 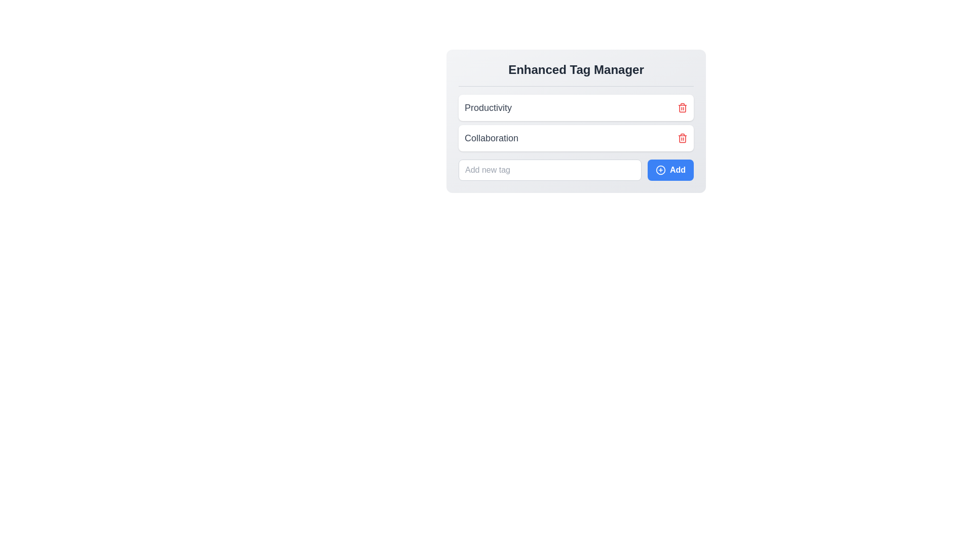 What do you see at coordinates (491, 138) in the screenshot?
I see `the text label displaying 'Collaboration' in a medium-sized, gray font with bold styling, located within a white background card at the top-center of the interface` at bounding box center [491, 138].